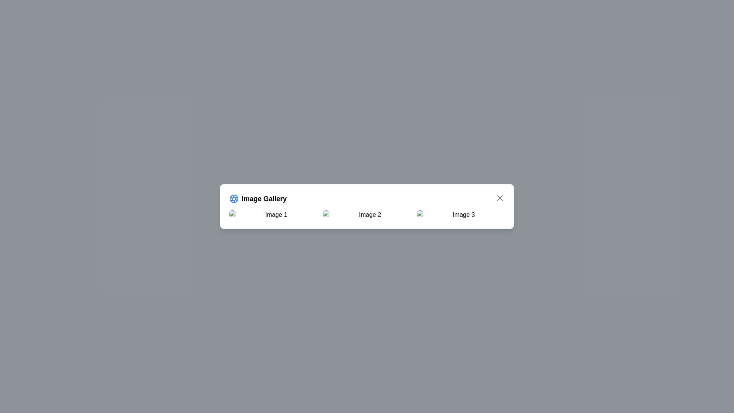  Describe the element at coordinates (500, 197) in the screenshot. I see `the close button to close the dialog` at that location.